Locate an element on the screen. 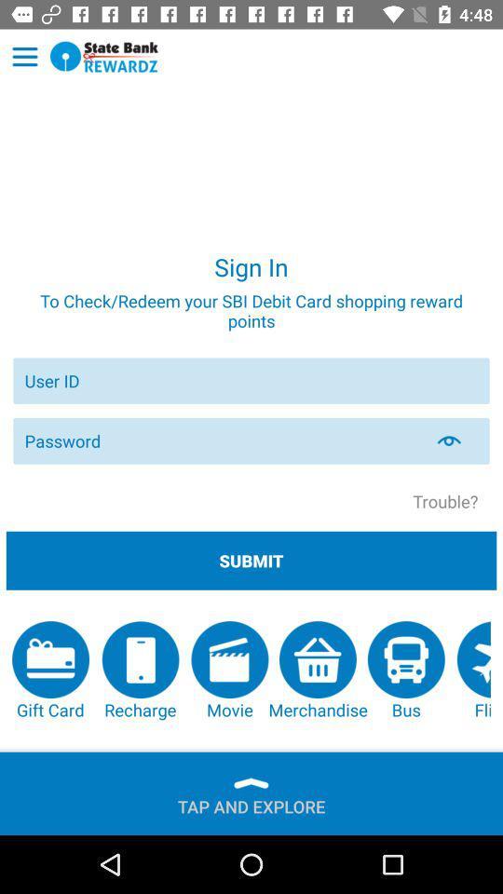  the icon below the submit is located at coordinates (229, 670).